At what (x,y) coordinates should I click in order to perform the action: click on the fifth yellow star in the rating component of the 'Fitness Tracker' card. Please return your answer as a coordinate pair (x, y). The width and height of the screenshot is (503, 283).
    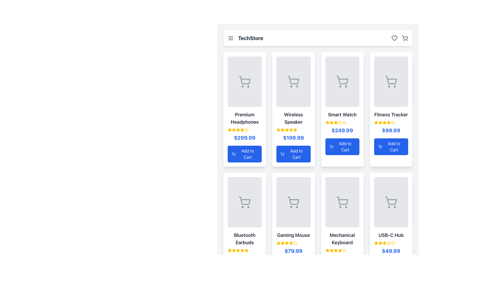
    Looking at the image, I should click on (389, 122).